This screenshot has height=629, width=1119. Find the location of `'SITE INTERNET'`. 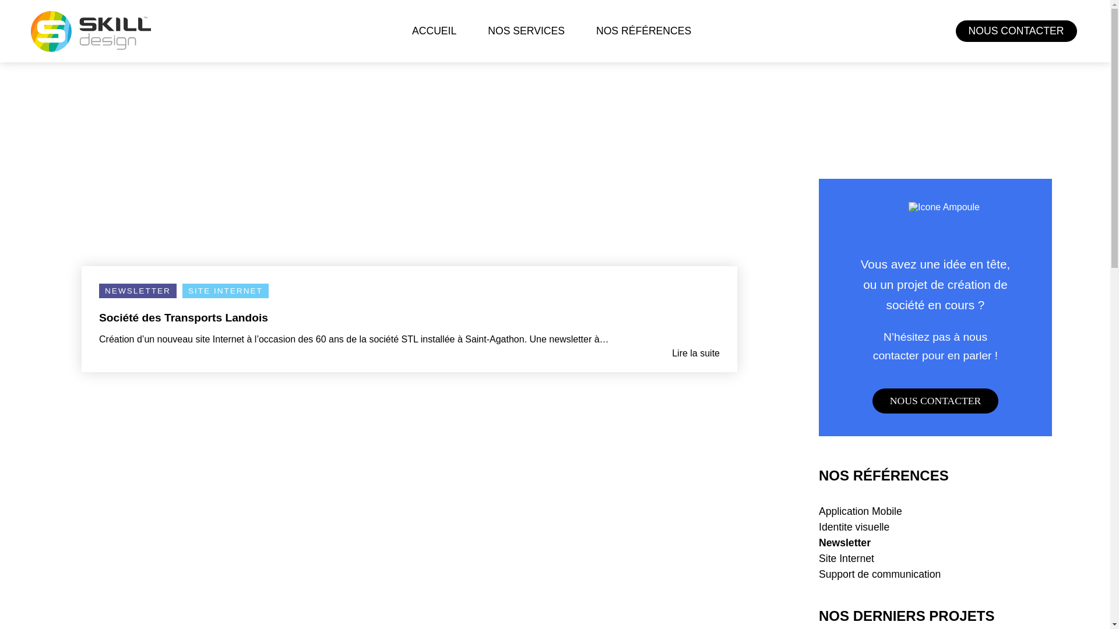

'SITE INTERNET' is located at coordinates (226, 290).